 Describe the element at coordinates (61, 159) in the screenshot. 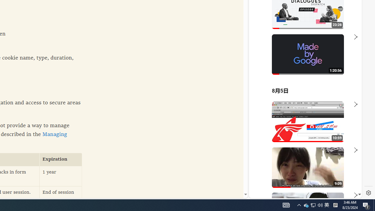

I see `'Expiration'` at that location.